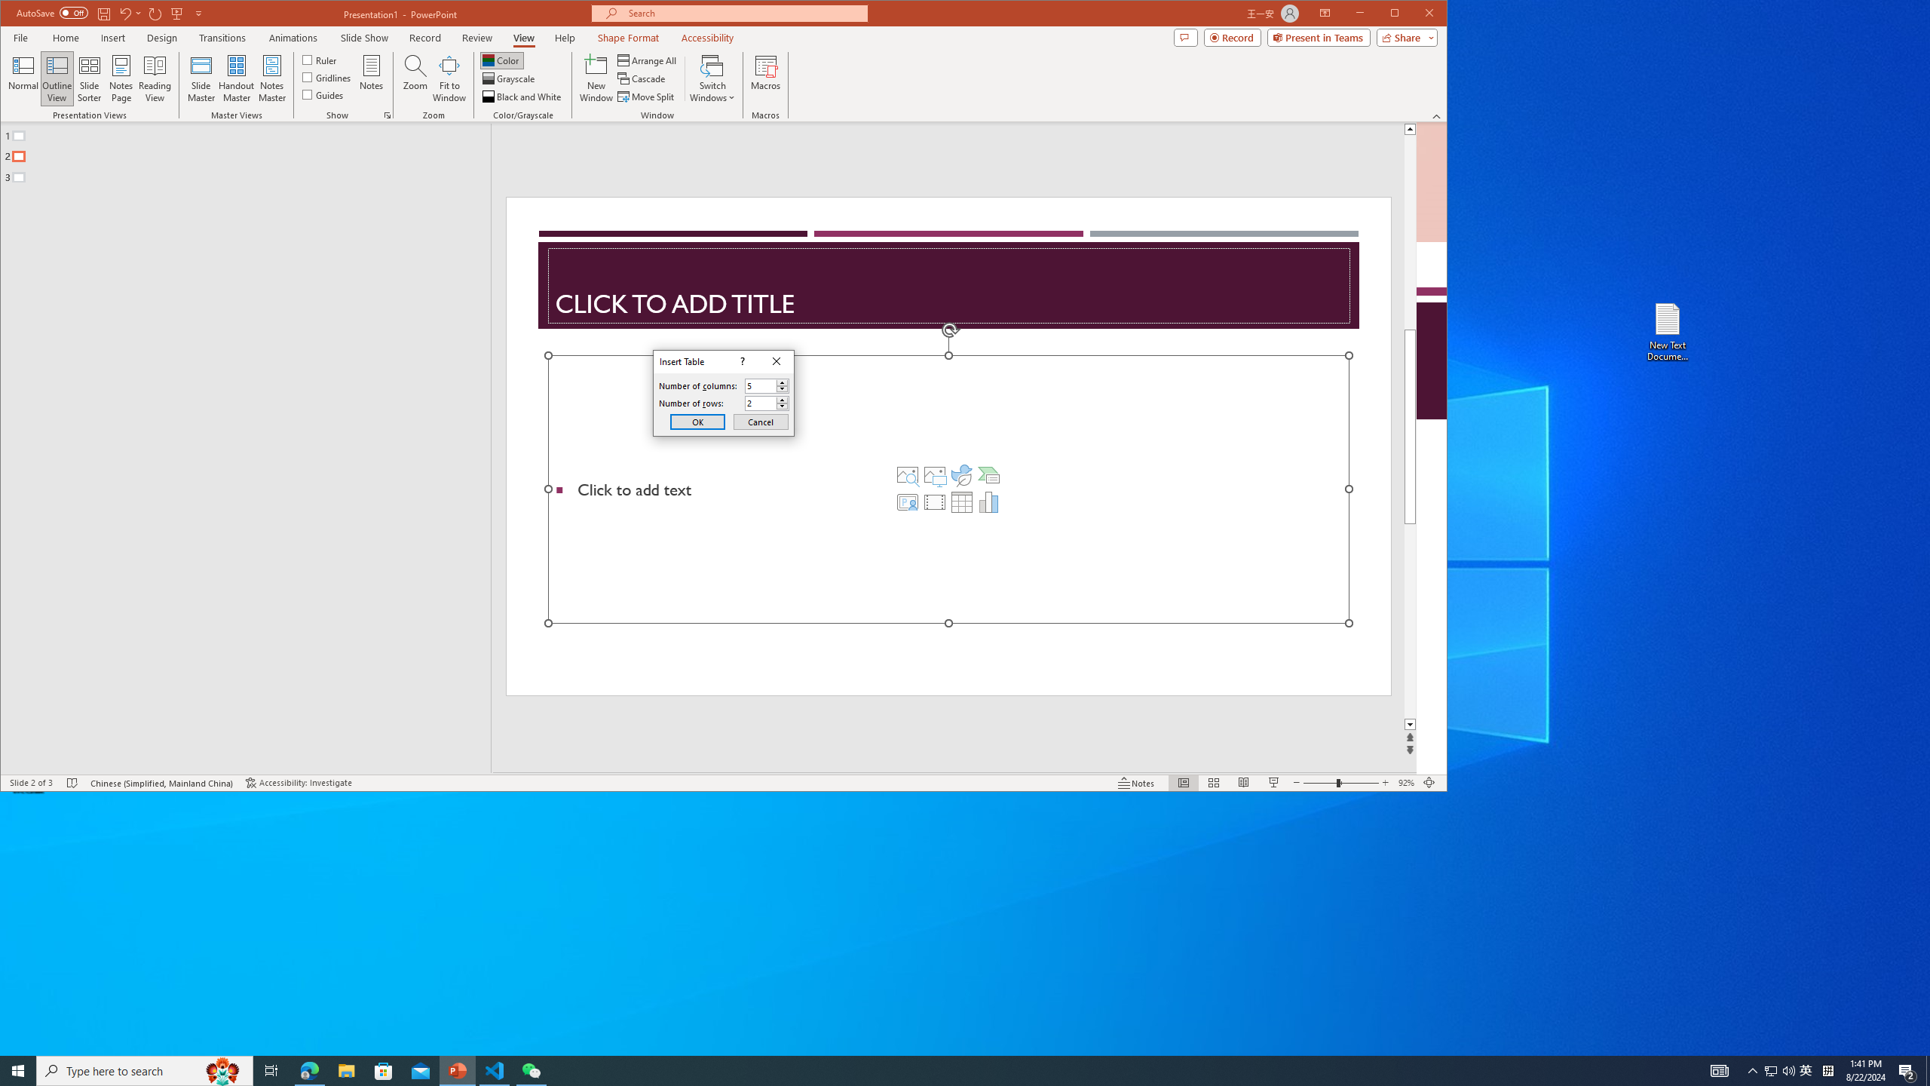  What do you see at coordinates (765, 78) in the screenshot?
I see `'Macros'` at bounding box center [765, 78].